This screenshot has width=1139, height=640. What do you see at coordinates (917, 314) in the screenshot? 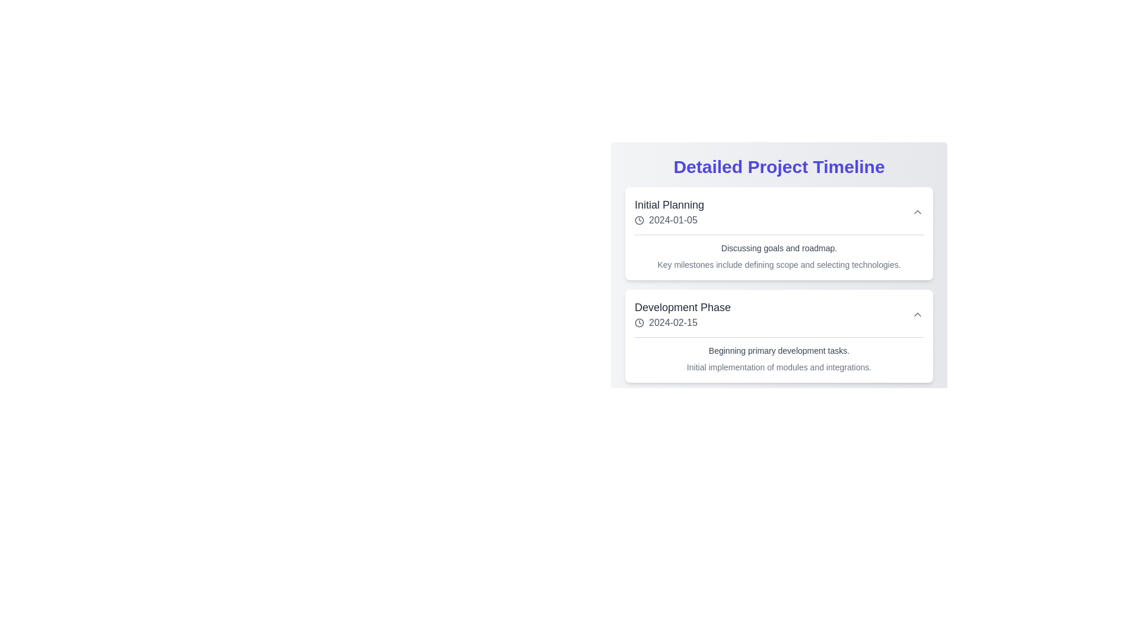
I see `the toggle button located at the far right side of the 'Development Phase' section` at bounding box center [917, 314].